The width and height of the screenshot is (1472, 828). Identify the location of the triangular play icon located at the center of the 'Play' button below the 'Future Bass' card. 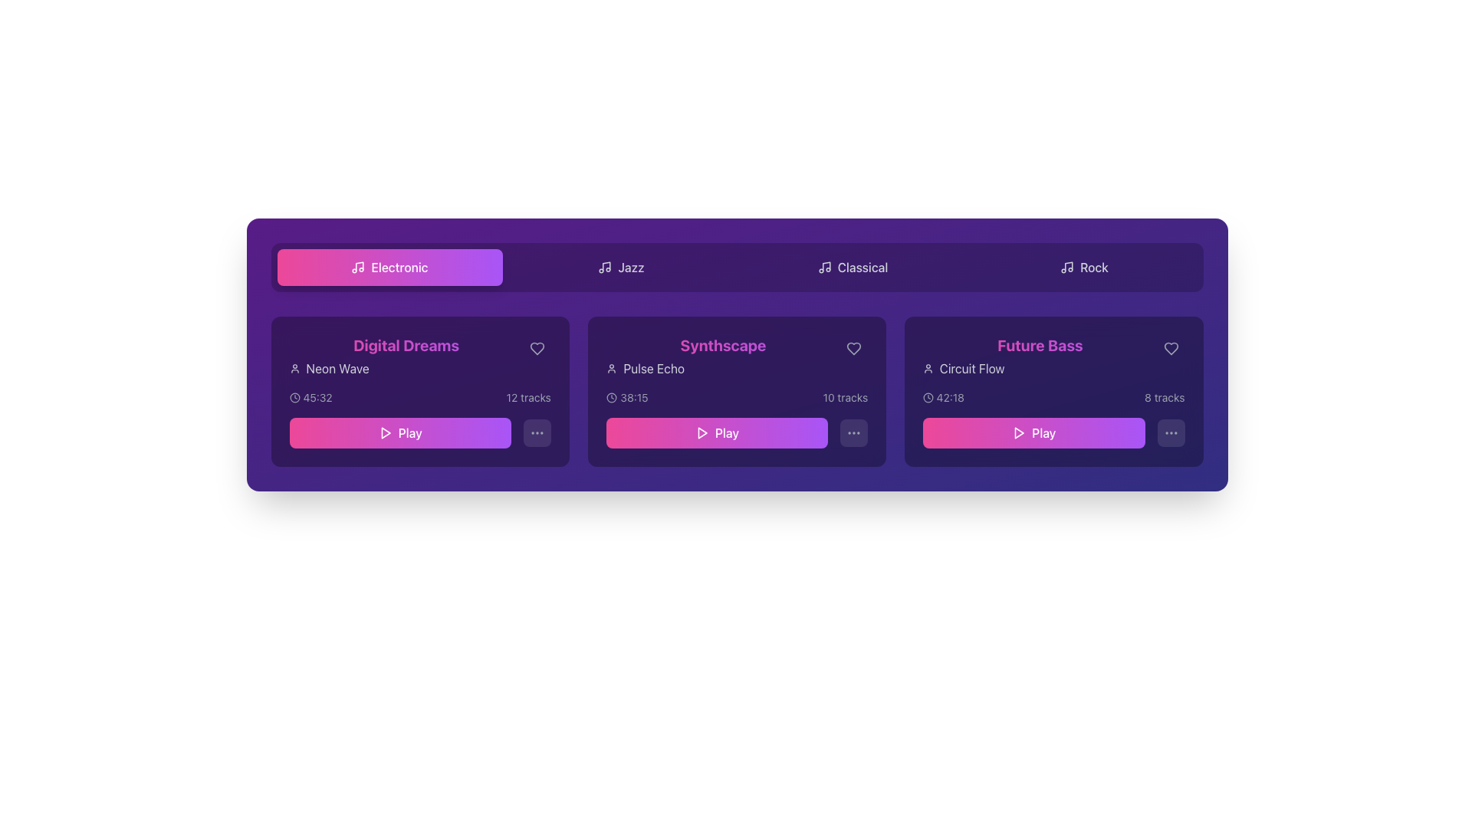
(1019, 432).